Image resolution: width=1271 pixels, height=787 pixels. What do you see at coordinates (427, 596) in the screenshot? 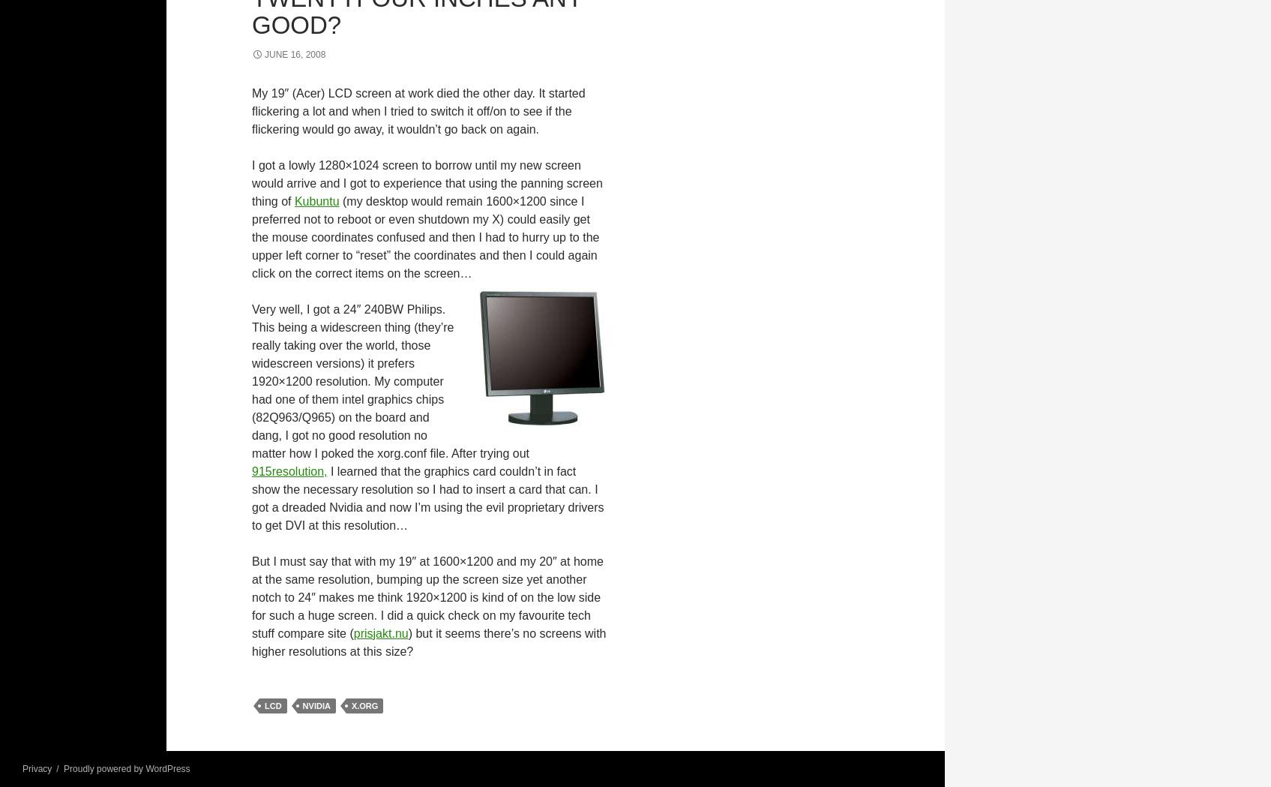
I see `'But I must say that with my 19″ at 1600×1200 and my 20″ at home at the same resolution, bumping up the screen size yet another notch to 24″ makes me think 1920×1200 is kind of on the low side for such a huge screen. I did a quick check on my favourite tech stuff compare site ('` at bounding box center [427, 596].